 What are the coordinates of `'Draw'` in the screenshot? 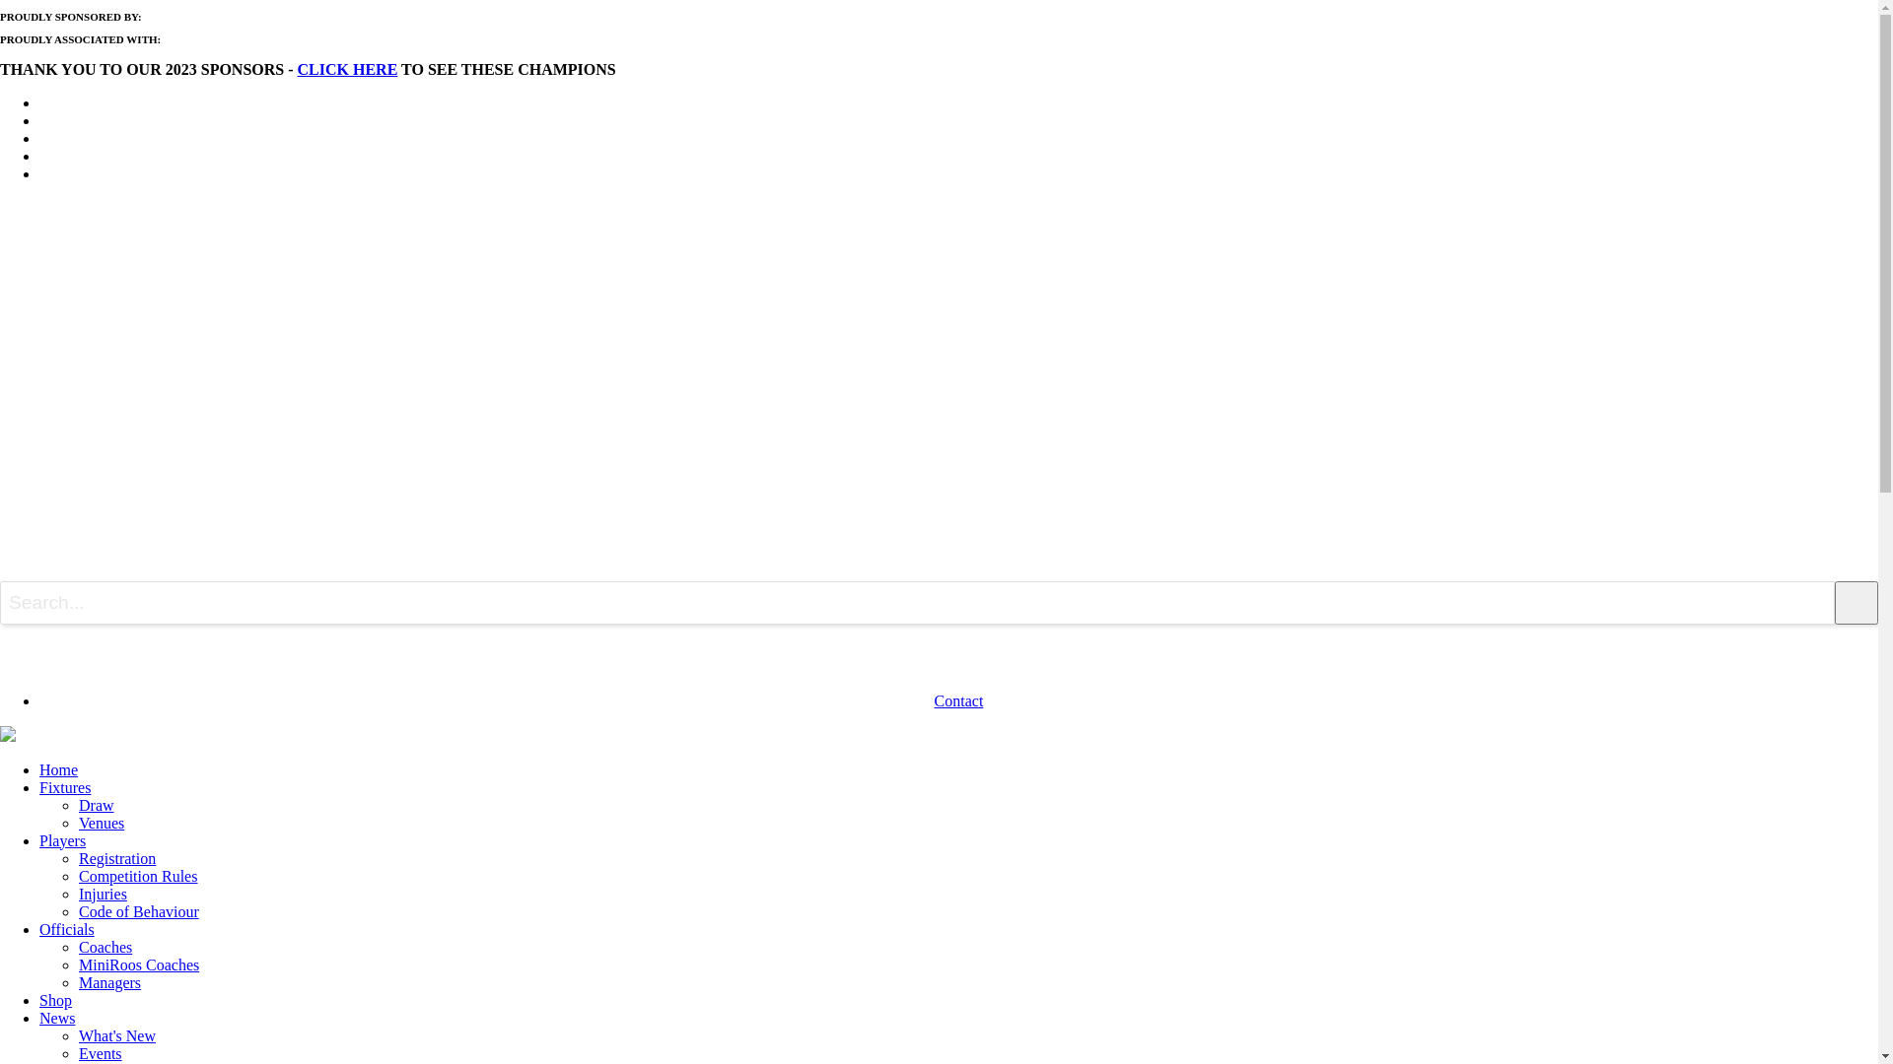 It's located at (79, 805).